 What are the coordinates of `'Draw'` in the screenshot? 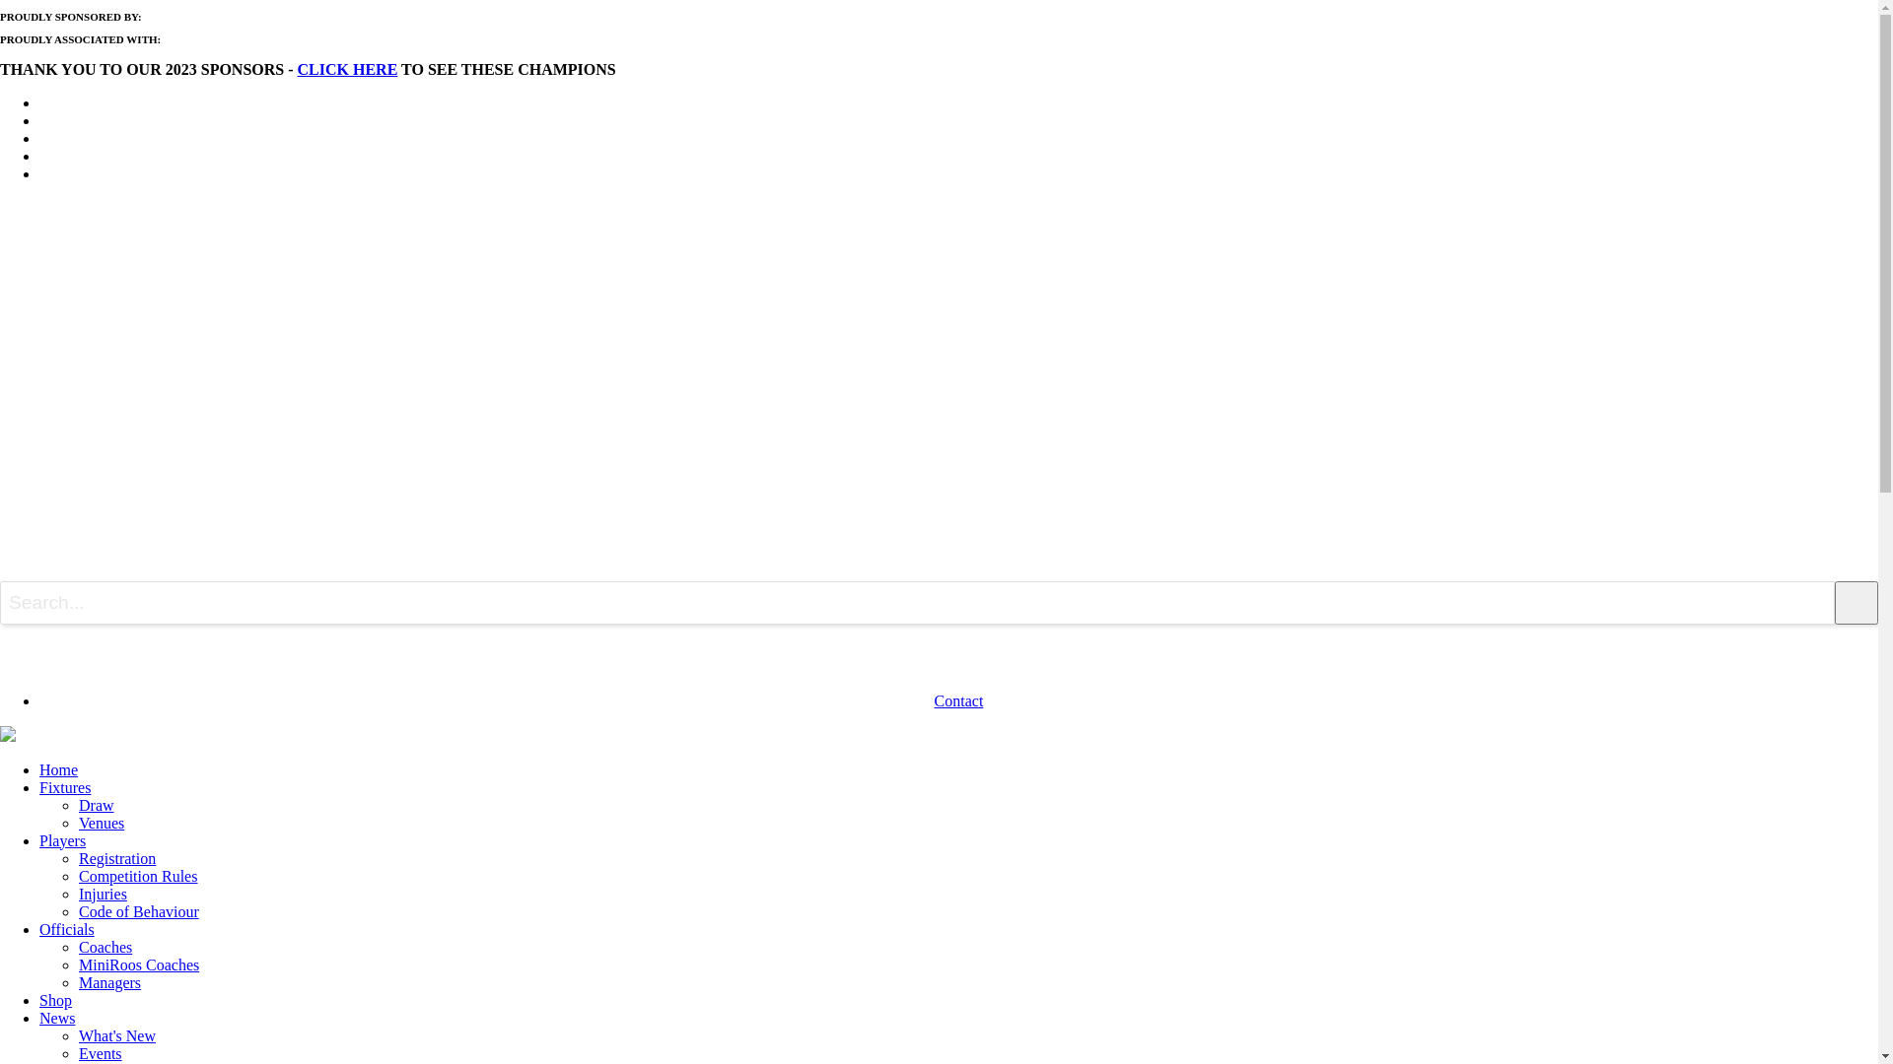 It's located at (79, 805).